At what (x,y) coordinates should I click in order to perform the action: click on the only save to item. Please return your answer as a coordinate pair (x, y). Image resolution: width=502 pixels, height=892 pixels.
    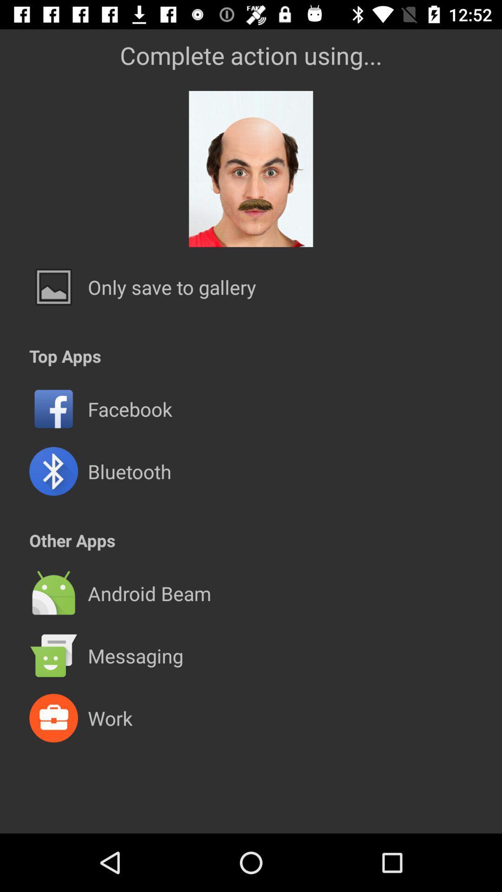
    Looking at the image, I should click on (172, 287).